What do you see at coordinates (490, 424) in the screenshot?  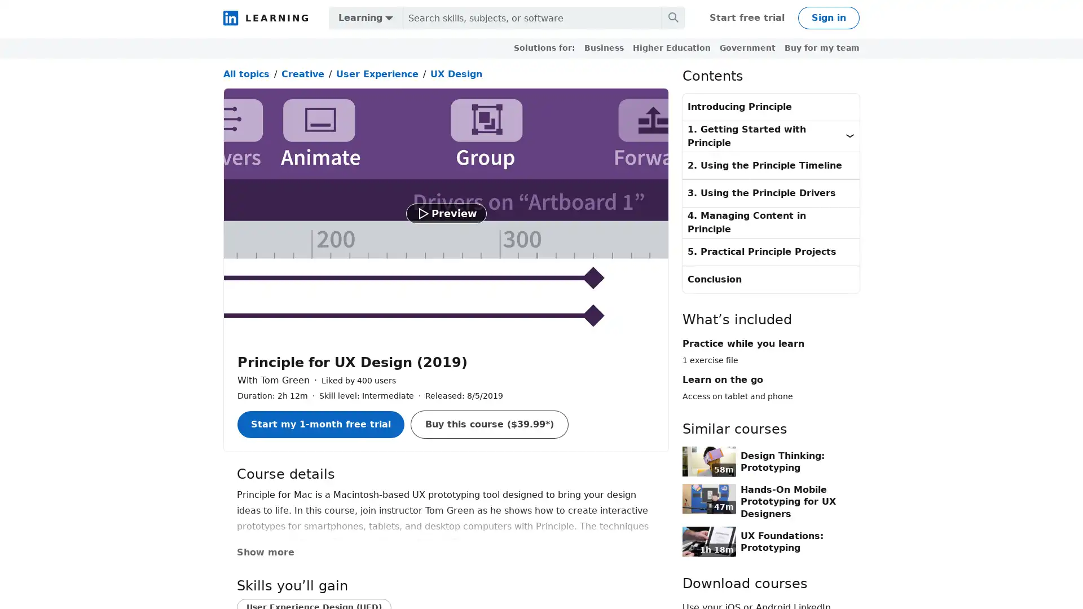 I see `Buy this course ($39.99*)` at bounding box center [490, 424].